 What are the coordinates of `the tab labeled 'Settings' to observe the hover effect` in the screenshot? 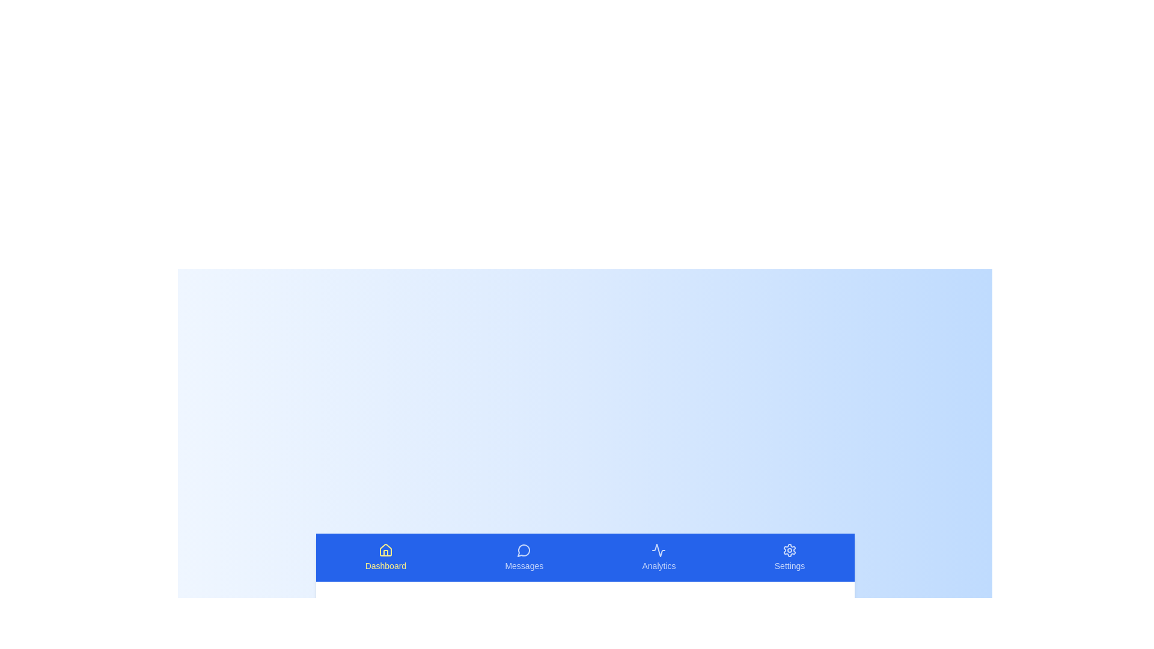 It's located at (790, 558).